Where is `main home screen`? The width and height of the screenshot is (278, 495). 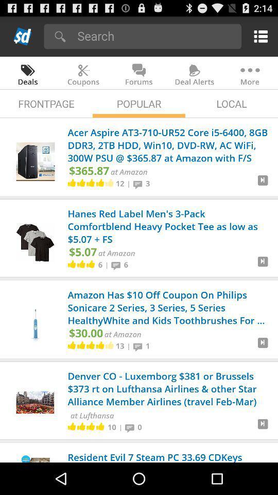 main home screen is located at coordinates (23, 36).